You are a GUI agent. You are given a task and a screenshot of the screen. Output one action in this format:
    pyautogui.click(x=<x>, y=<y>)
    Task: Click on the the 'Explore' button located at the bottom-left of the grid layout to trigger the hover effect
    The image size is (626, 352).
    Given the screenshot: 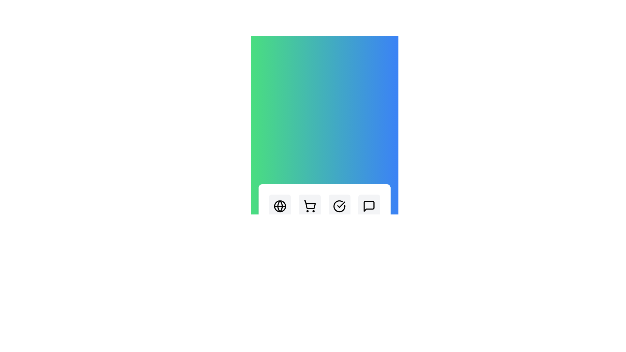 What is the action you would take?
    pyautogui.click(x=280, y=212)
    